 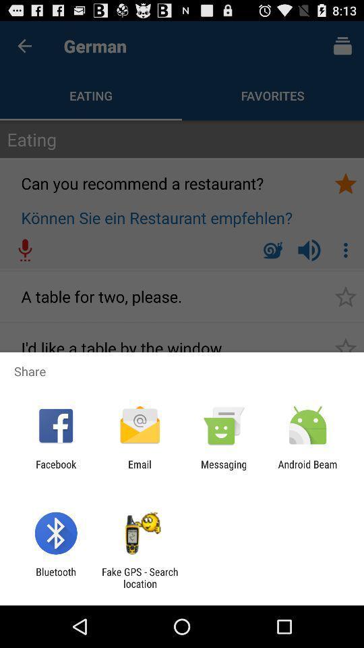 What do you see at coordinates (224, 470) in the screenshot?
I see `icon next to android beam` at bounding box center [224, 470].